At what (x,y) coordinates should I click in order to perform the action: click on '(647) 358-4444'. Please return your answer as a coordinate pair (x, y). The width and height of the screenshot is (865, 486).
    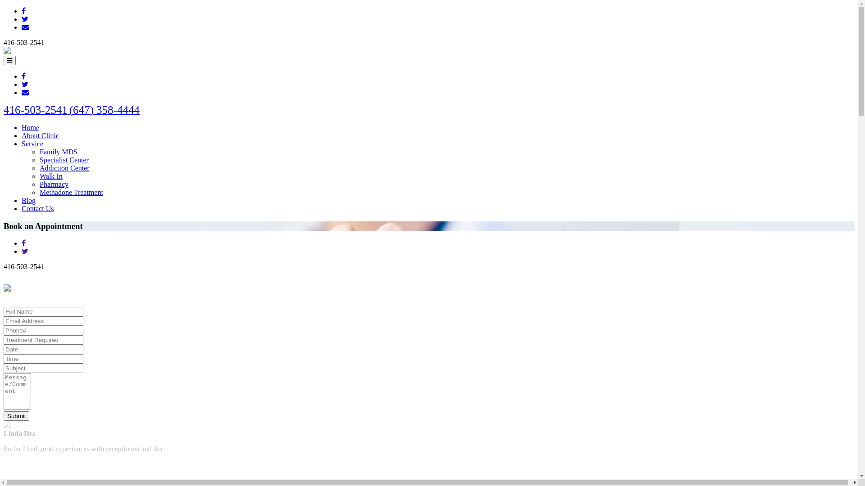
    Looking at the image, I should click on (68, 111).